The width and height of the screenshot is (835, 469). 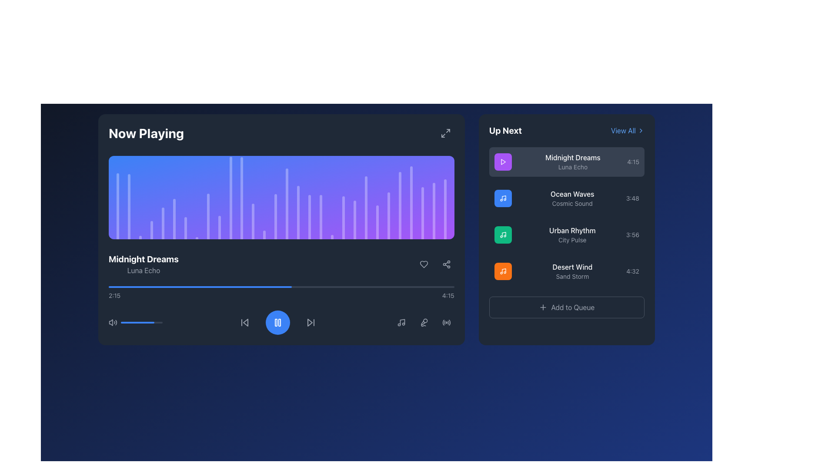 What do you see at coordinates (572, 240) in the screenshot?
I see `the 'City Pulse' text label, which is displayed in a small gray font beneath the 'Urban Rhythm' title in the 'Up Next' section of the playlist` at bounding box center [572, 240].